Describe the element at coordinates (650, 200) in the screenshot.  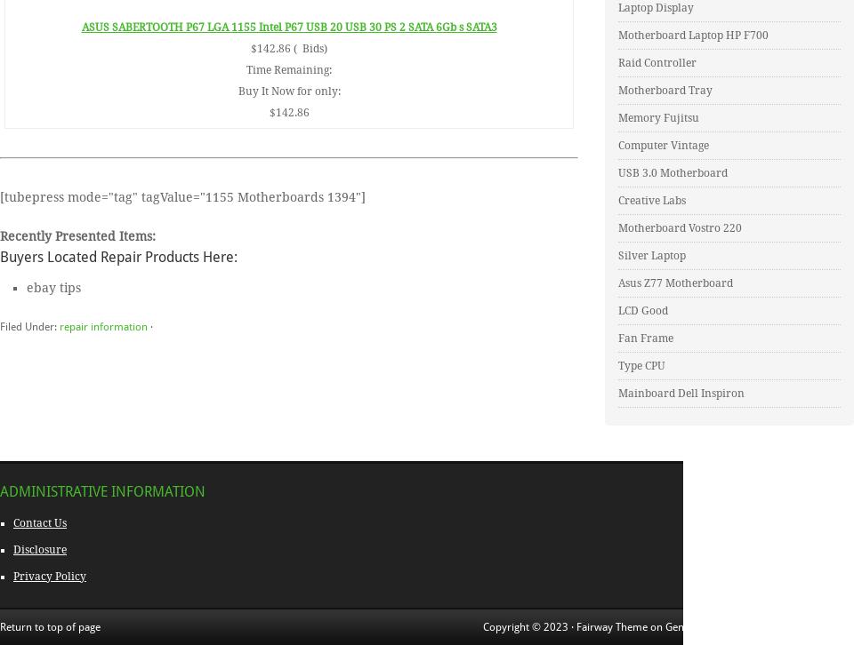
I see `'Creative Labs'` at that location.